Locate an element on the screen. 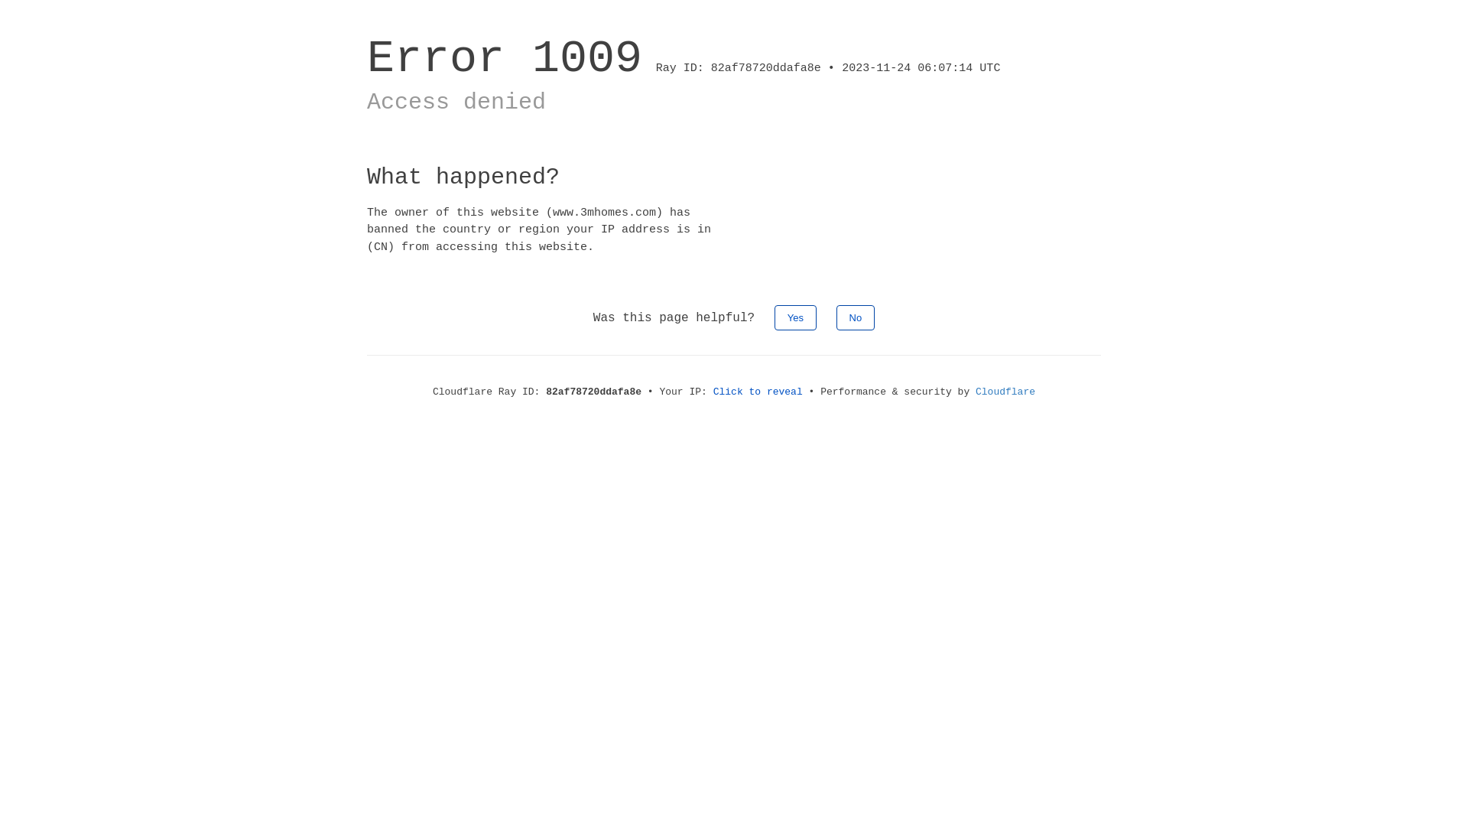 Image resolution: width=1468 pixels, height=826 pixels. 'No' is located at coordinates (836, 317).